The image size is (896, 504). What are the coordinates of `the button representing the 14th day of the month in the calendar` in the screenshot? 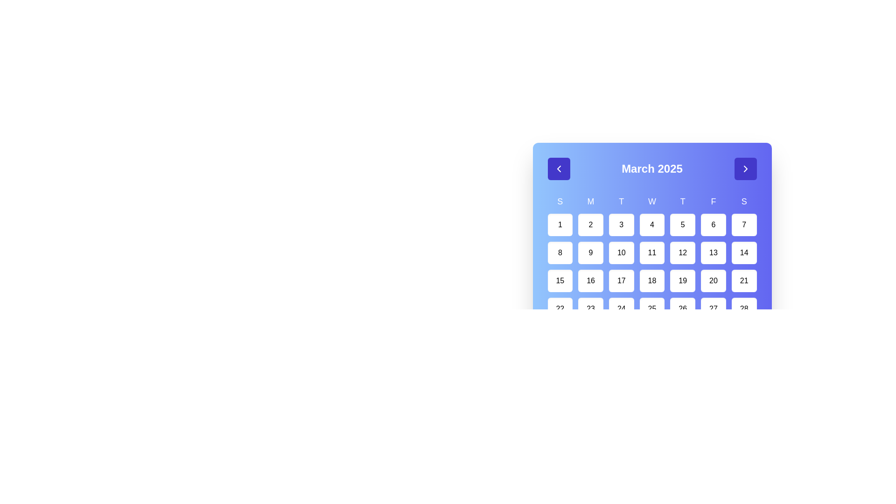 It's located at (743, 253).